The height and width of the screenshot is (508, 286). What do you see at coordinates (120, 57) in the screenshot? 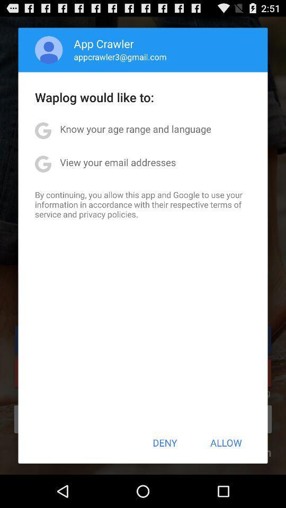
I see `the app above the waplog would like icon` at bounding box center [120, 57].